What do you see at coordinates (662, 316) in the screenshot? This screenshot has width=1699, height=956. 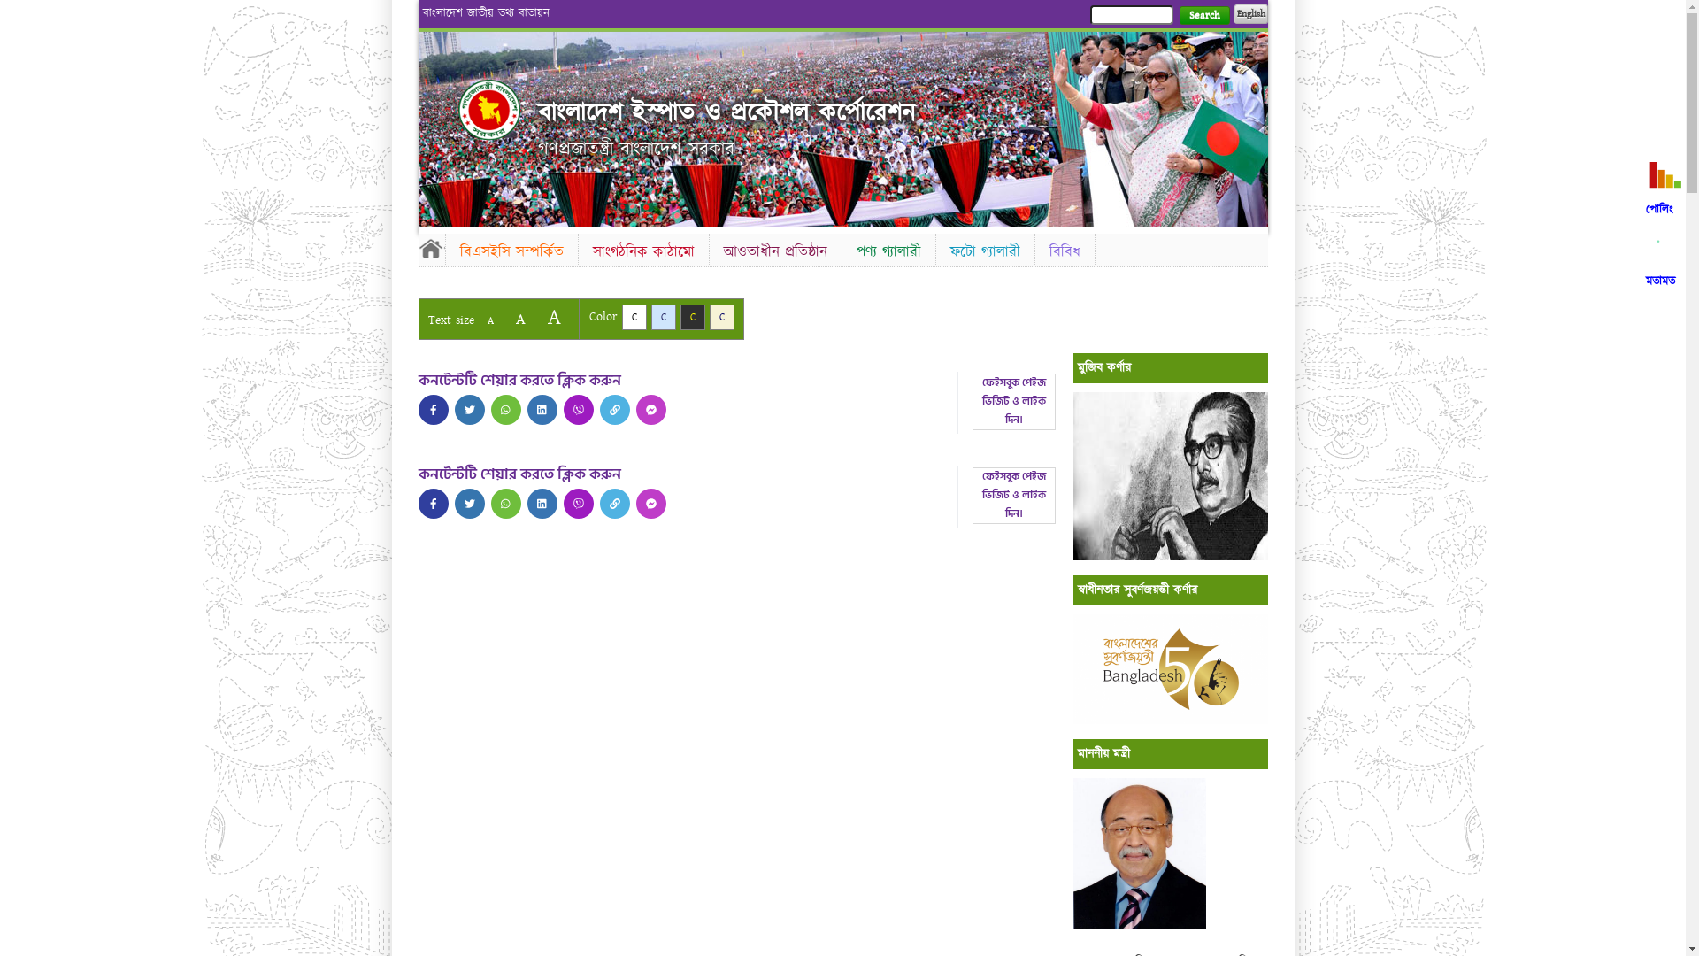 I see `'C'` at bounding box center [662, 316].